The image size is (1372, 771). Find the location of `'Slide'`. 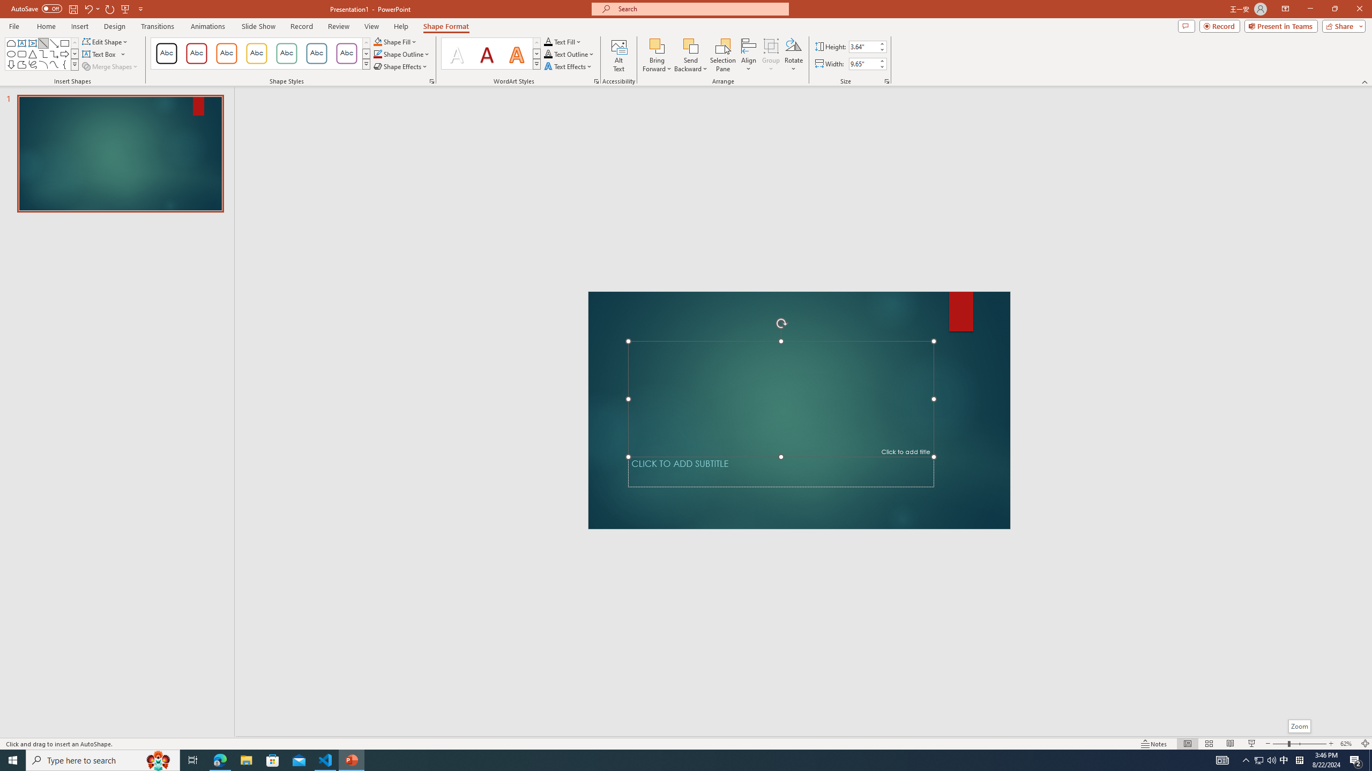

'Slide' is located at coordinates (120, 154).